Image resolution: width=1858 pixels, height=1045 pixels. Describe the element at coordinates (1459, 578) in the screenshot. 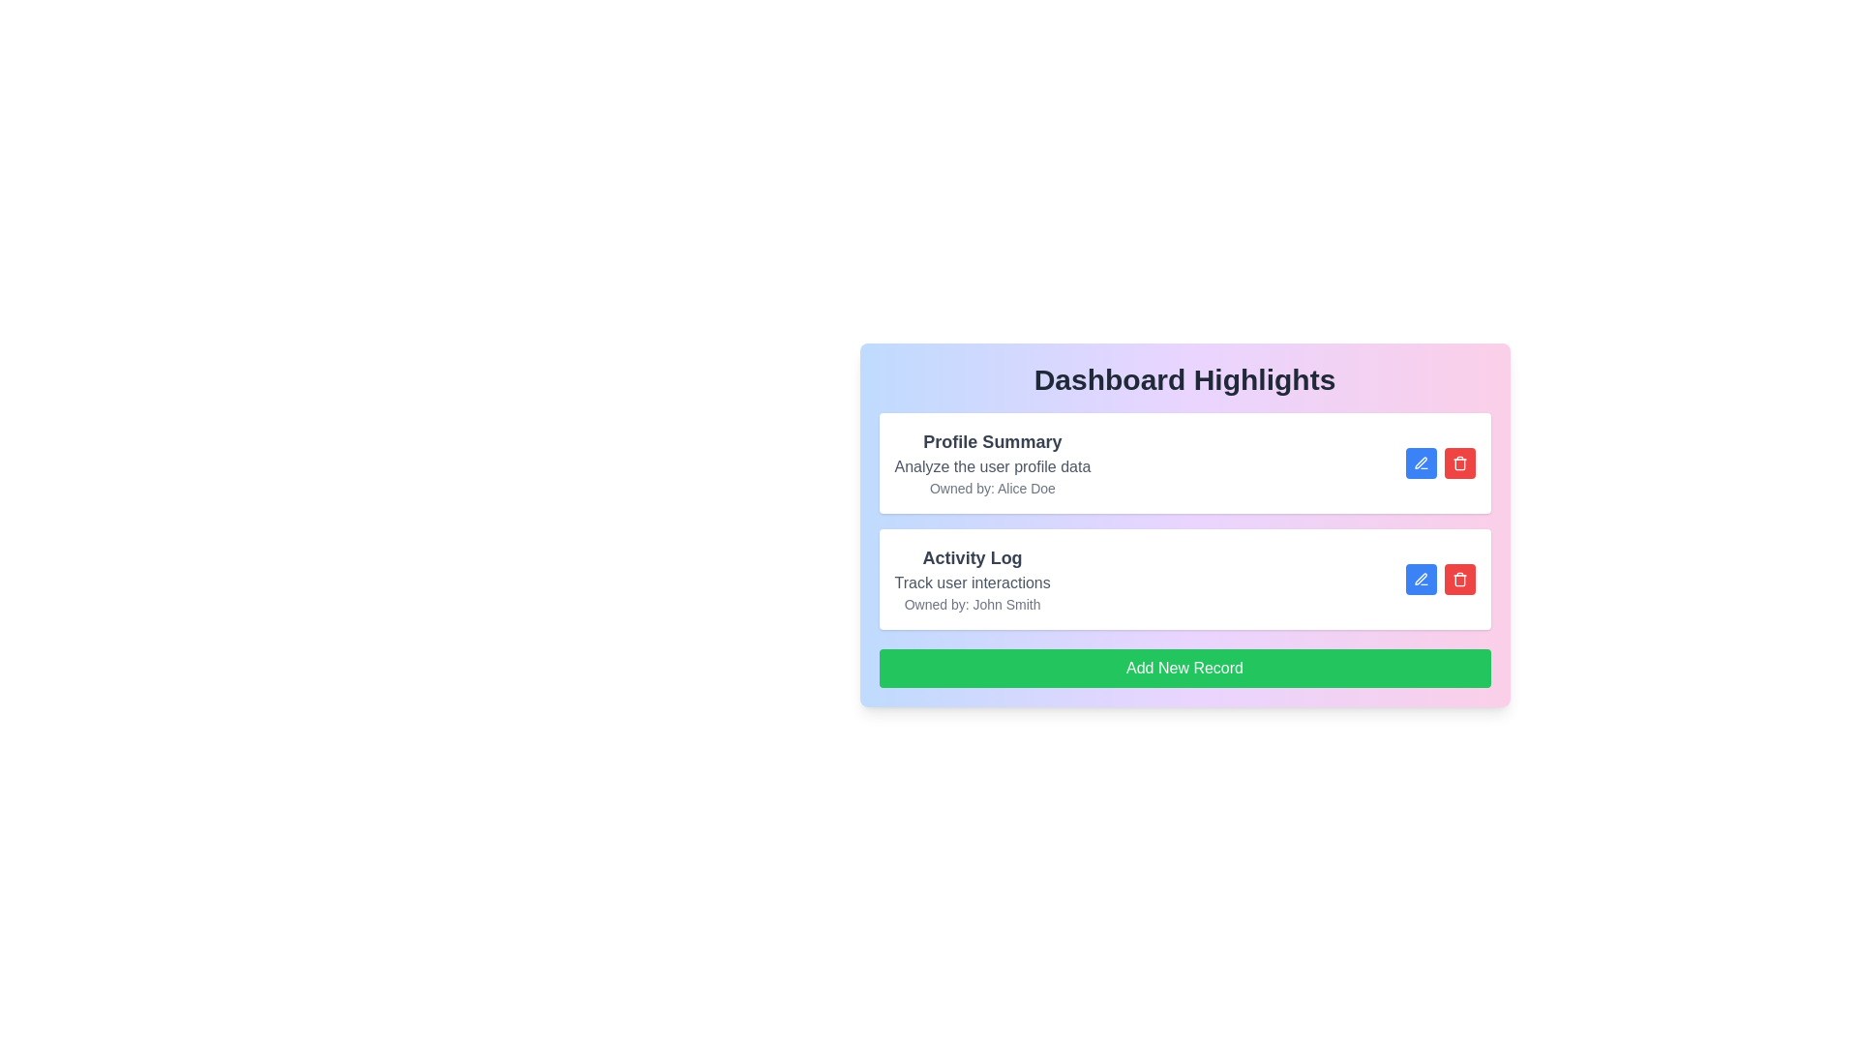

I see `the delete icon embedded within the clickable button` at that location.